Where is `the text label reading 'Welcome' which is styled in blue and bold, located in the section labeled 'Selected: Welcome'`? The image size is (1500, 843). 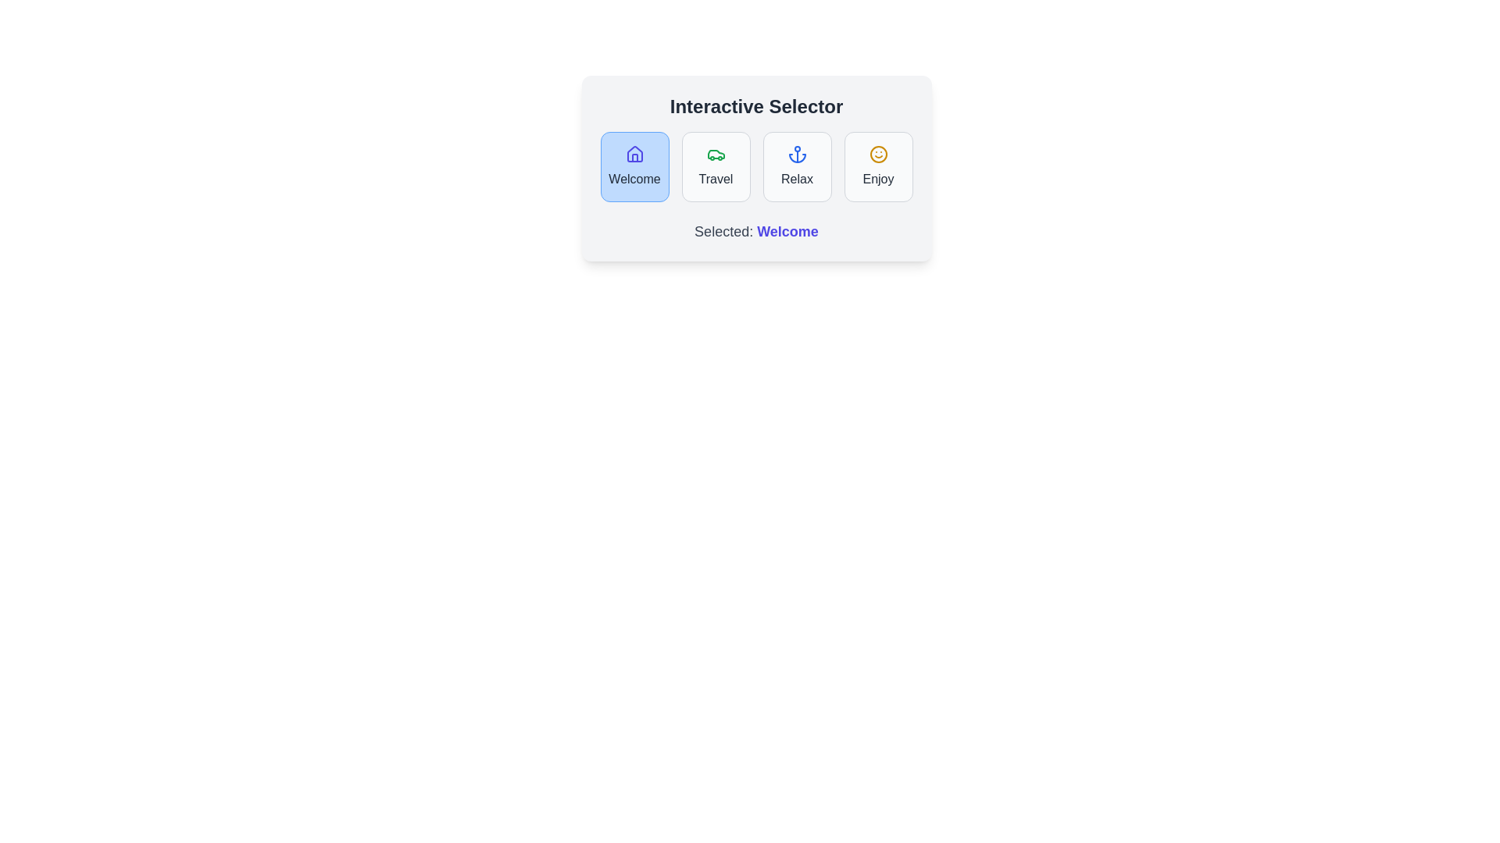
the text label reading 'Welcome' which is styled in blue and bold, located in the section labeled 'Selected: Welcome' is located at coordinates (787, 232).